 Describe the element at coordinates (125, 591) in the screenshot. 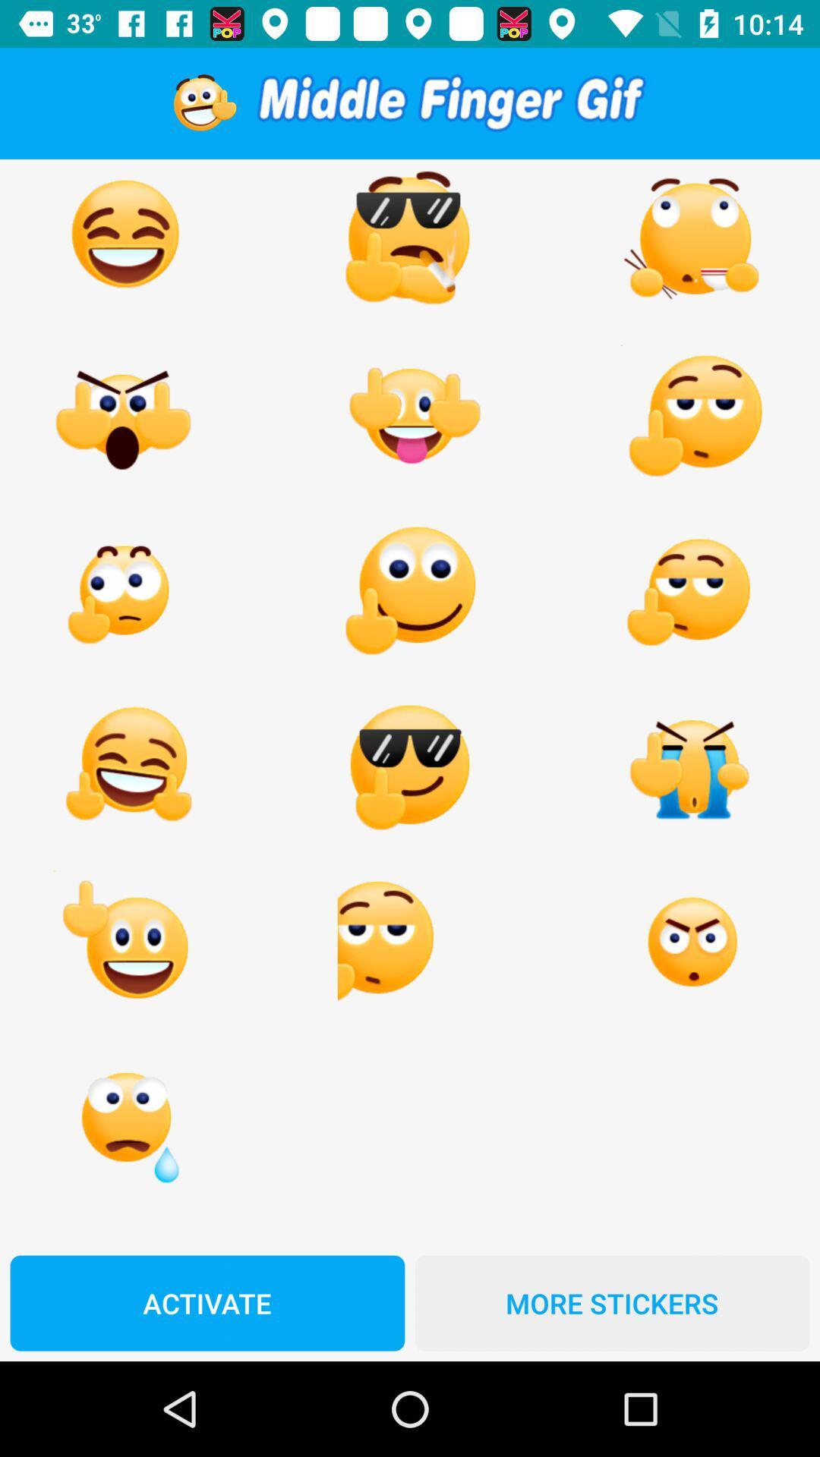

I see `the 3rd left side emoji` at that location.